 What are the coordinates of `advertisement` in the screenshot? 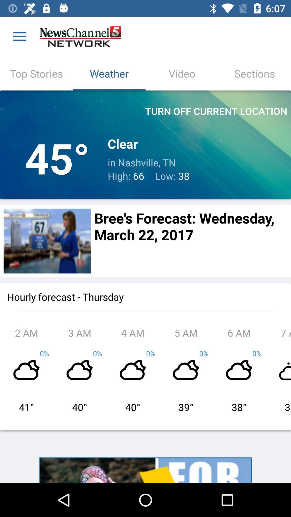 It's located at (145, 470).